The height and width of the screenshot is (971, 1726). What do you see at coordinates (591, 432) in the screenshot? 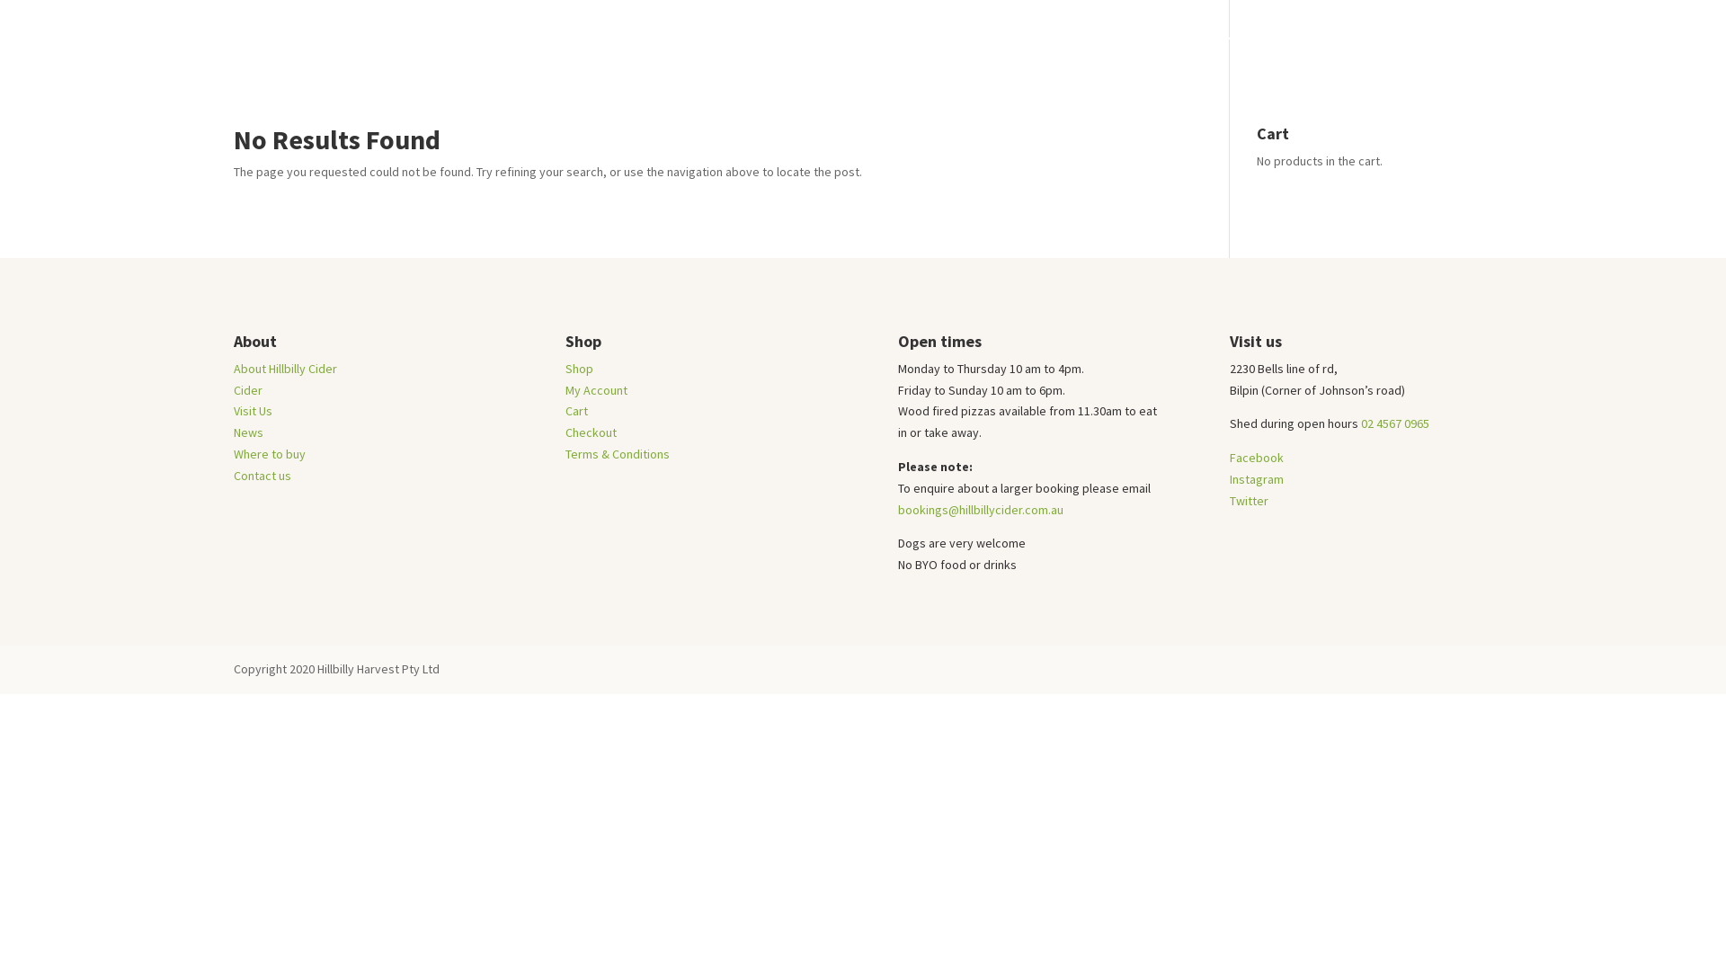
I see `'Checkout'` at bounding box center [591, 432].